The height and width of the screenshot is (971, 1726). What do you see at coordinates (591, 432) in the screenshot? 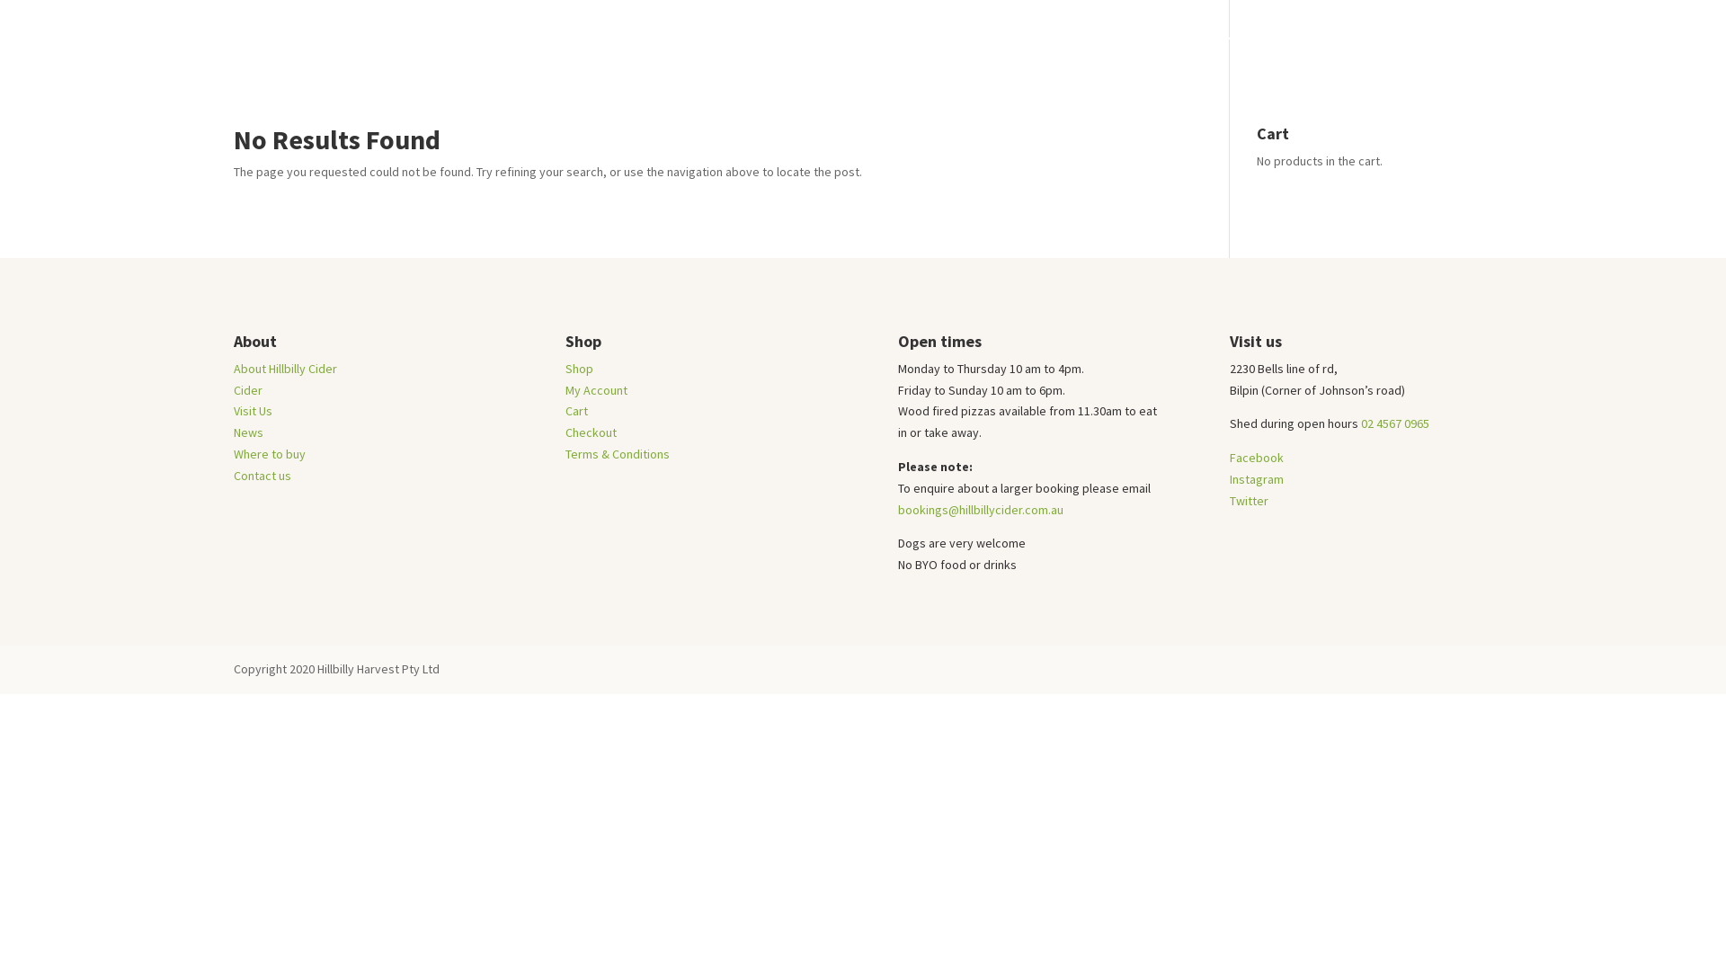
I see `'Checkout'` at bounding box center [591, 432].